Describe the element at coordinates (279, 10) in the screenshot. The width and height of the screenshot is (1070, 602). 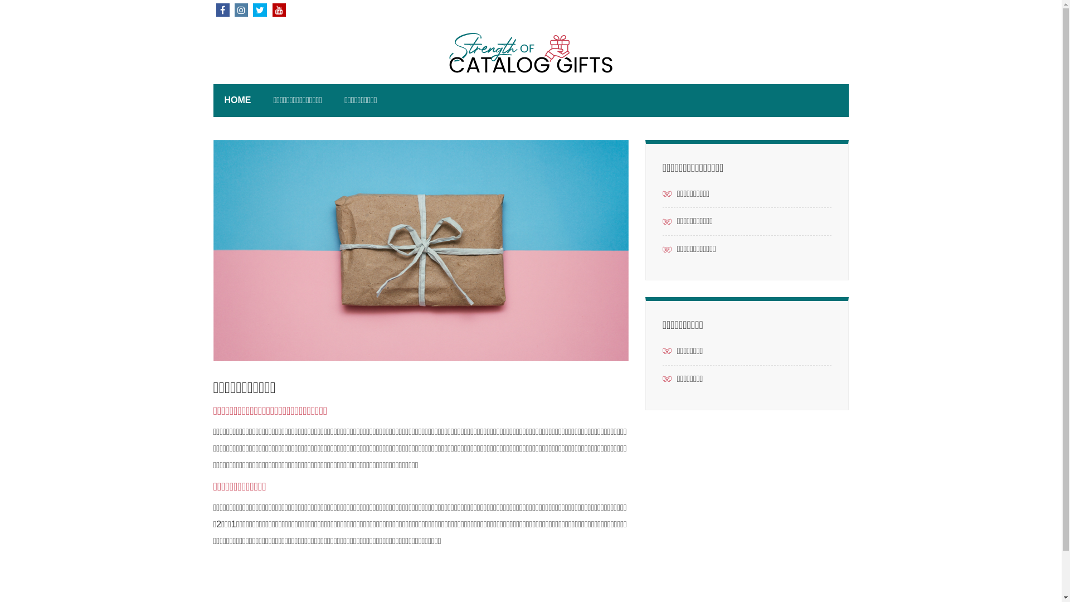
I see `'YOUTUBE'` at that location.